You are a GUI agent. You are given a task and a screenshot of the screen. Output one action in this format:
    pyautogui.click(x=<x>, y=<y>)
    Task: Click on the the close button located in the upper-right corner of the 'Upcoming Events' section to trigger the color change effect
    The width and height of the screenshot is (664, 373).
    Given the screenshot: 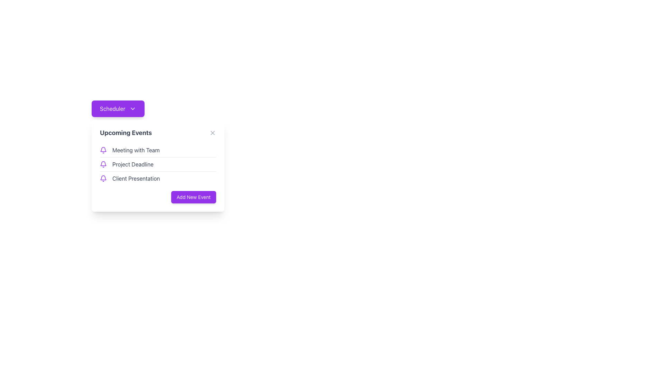 What is the action you would take?
    pyautogui.click(x=212, y=133)
    